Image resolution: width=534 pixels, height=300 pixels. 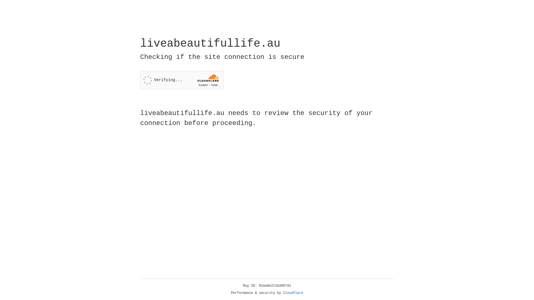 What do you see at coordinates (182, 80) in the screenshot?
I see `'Widget containing a Cloudflare security challenge'` at bounding box center [182, 80].